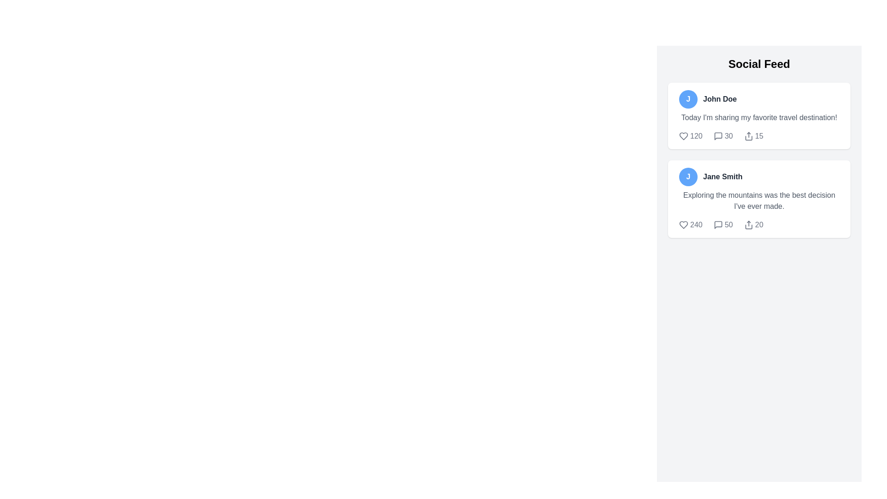 The width and height of the screenshot is (887, 499). Describe the element at coordinates (717, 136) in the screenshot. I see `the comment icon located in the post interaction control panel of the Social Feed section` at that location.